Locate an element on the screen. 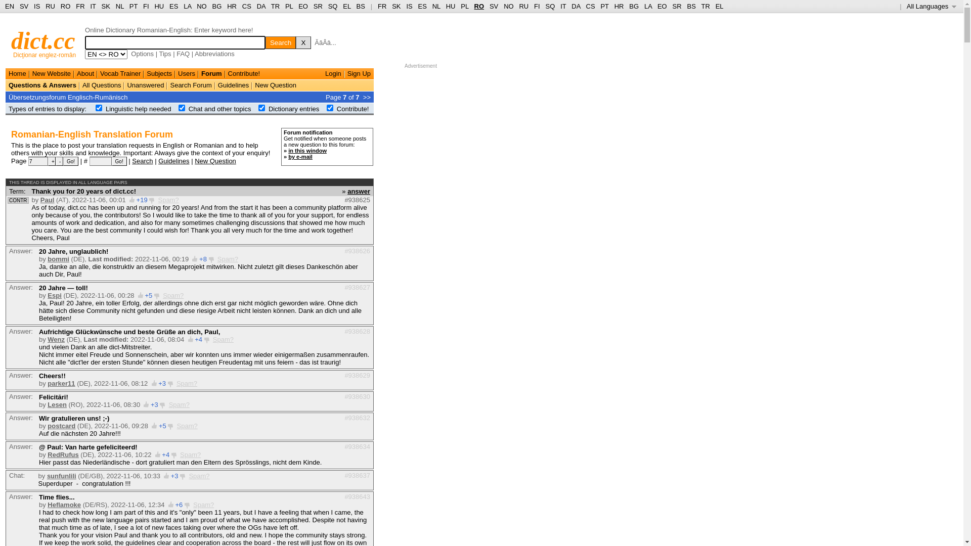 The height and width of the screenshot is (546, 971). 'New Website' is located at coordinates (51, 73).